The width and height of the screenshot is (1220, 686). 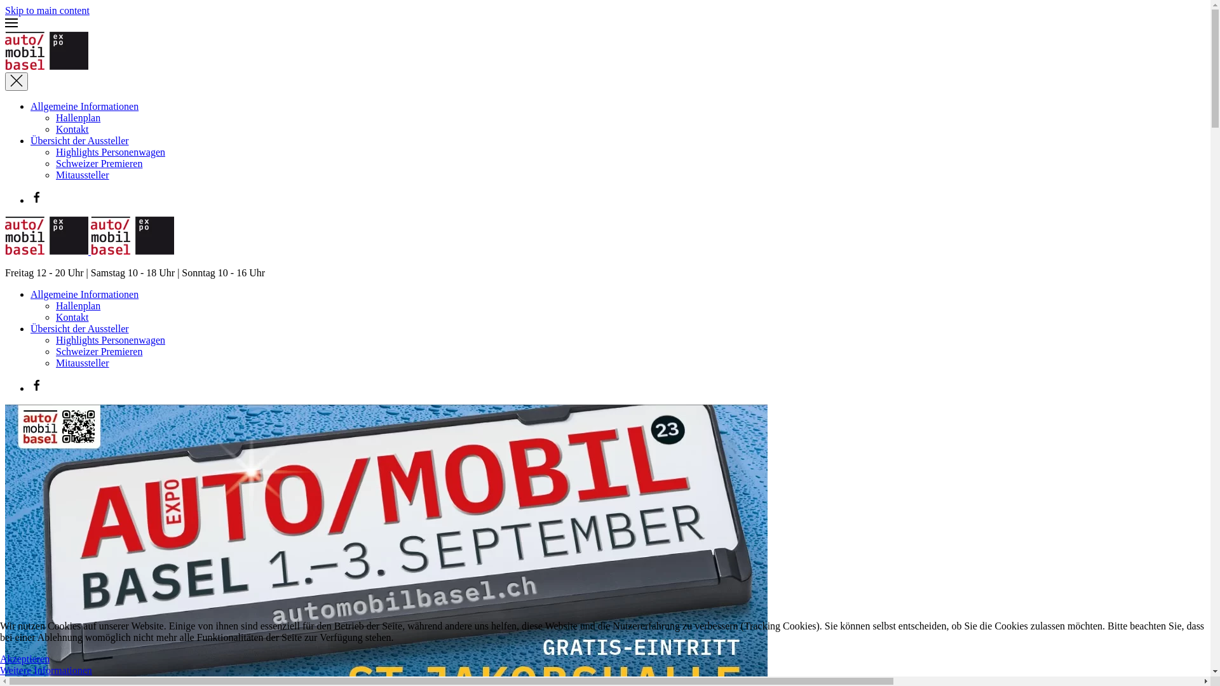 What do you see at coordinates (55, 316) in the screenshot?
I see `'Kontakt'` at bounding box center [55, 316].